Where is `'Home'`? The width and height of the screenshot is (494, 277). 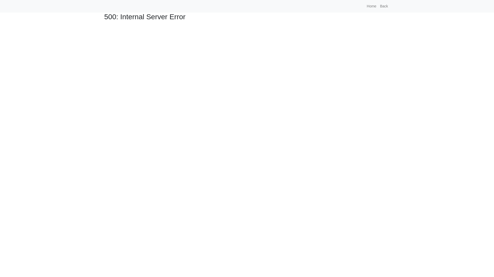
'Home' is located at coordinates (372, 6).